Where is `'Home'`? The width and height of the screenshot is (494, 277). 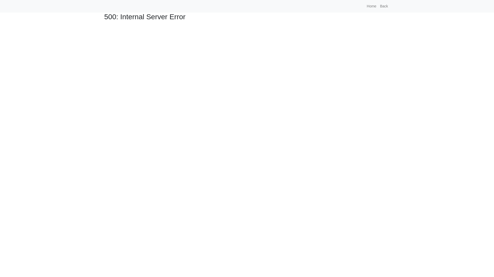
'Home' is located at coordinates (372, 6).